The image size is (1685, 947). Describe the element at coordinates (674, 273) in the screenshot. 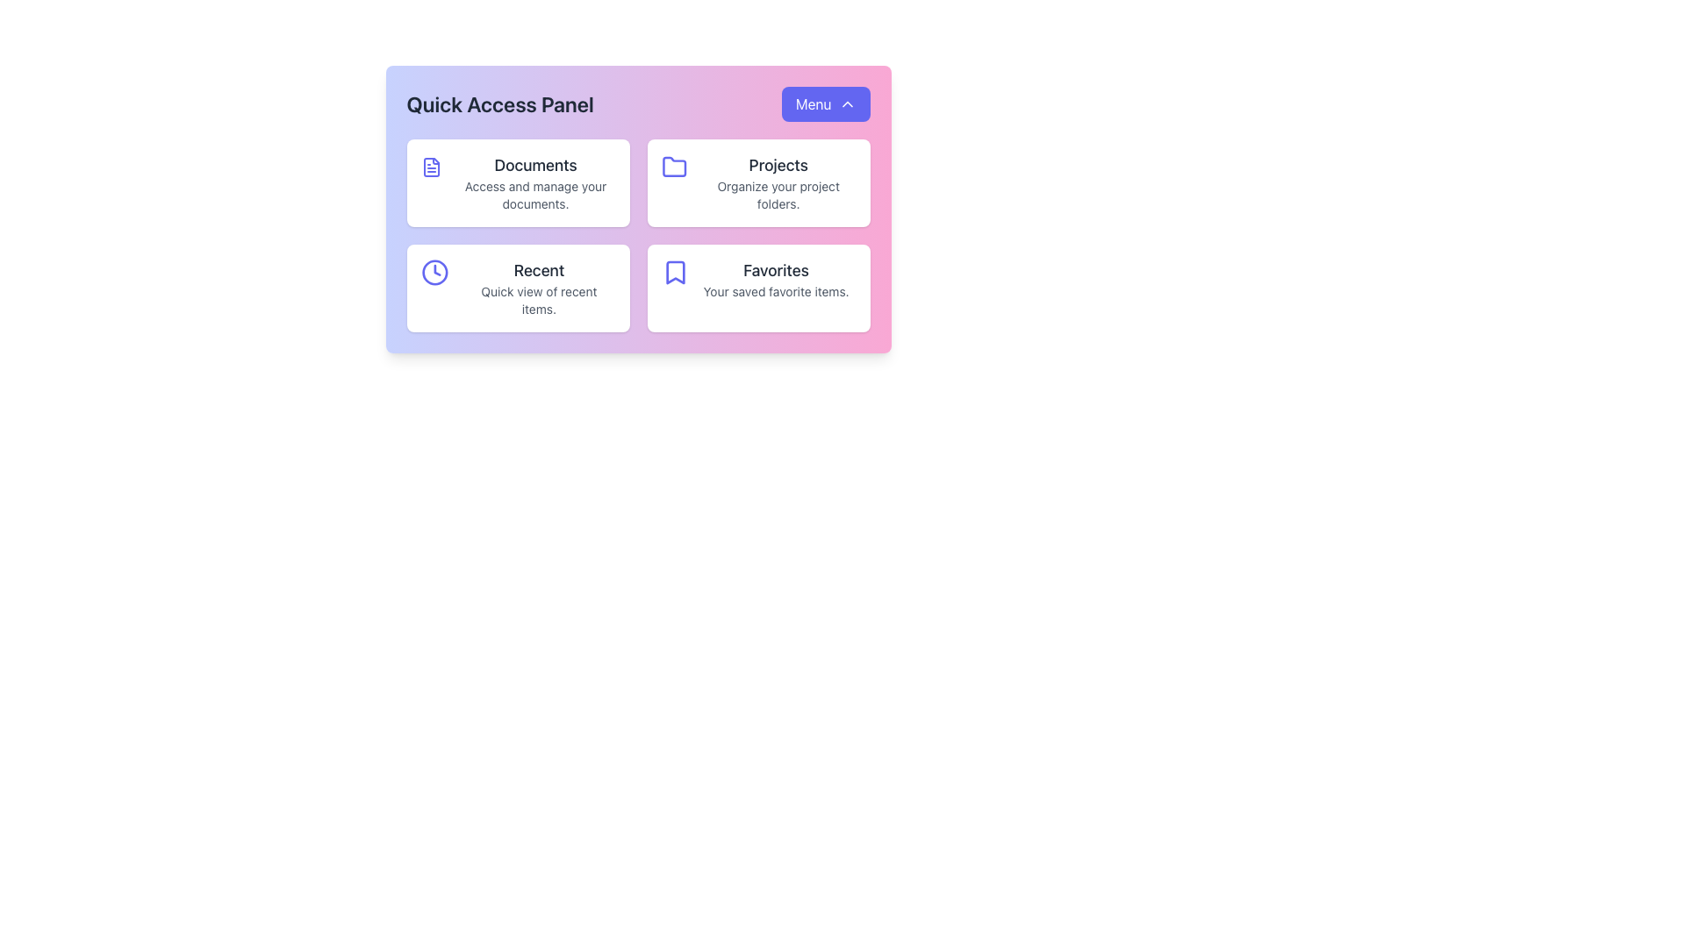

I see `the 'Favorites' icon located in the bottom-right section of the 'Quick Access Panel' that visually represents the list of saved favorite items` at that location.